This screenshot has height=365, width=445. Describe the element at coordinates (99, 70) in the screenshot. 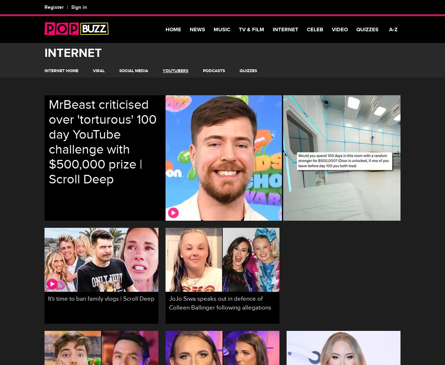

I see `'Viral'` at that location.